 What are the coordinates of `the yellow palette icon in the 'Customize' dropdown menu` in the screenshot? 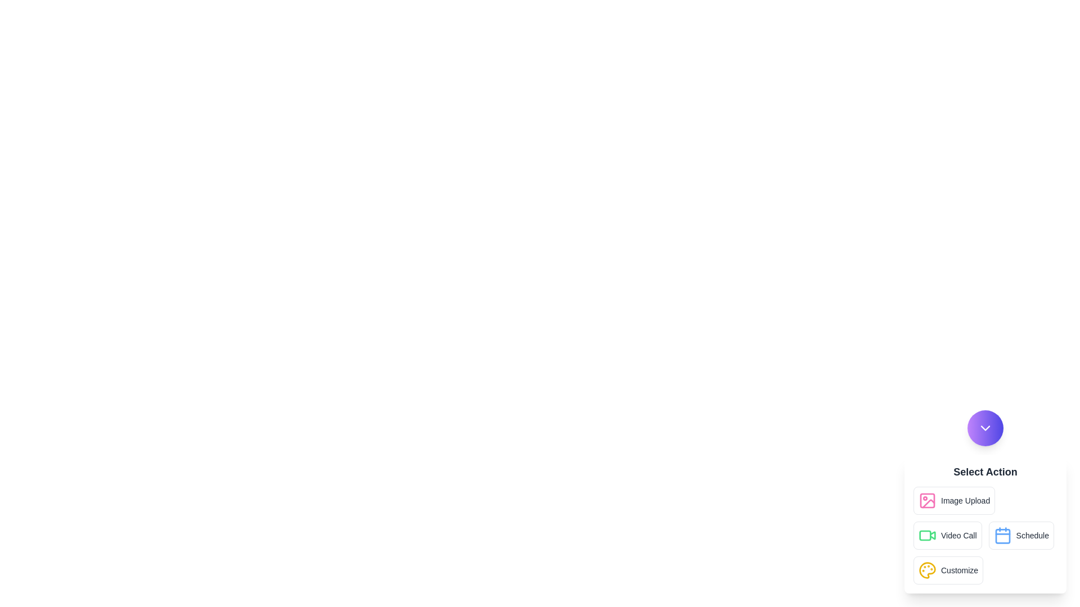 It's located at (927, 570).